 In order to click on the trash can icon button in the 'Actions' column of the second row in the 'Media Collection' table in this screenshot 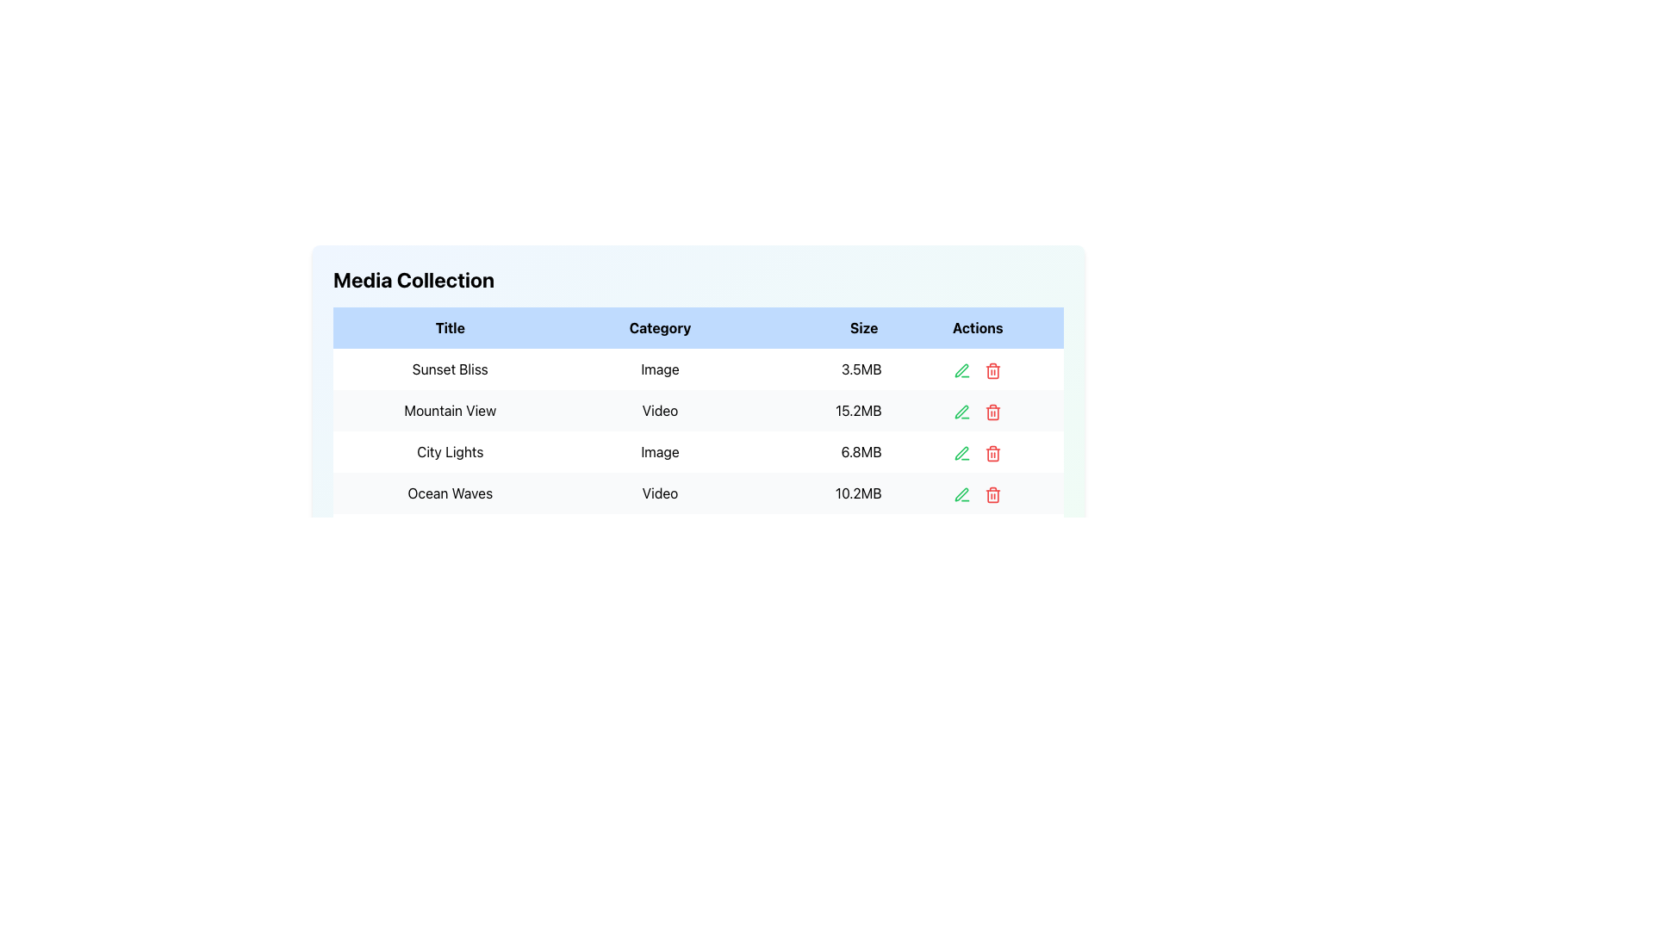, I will do `click(993, 412)`.